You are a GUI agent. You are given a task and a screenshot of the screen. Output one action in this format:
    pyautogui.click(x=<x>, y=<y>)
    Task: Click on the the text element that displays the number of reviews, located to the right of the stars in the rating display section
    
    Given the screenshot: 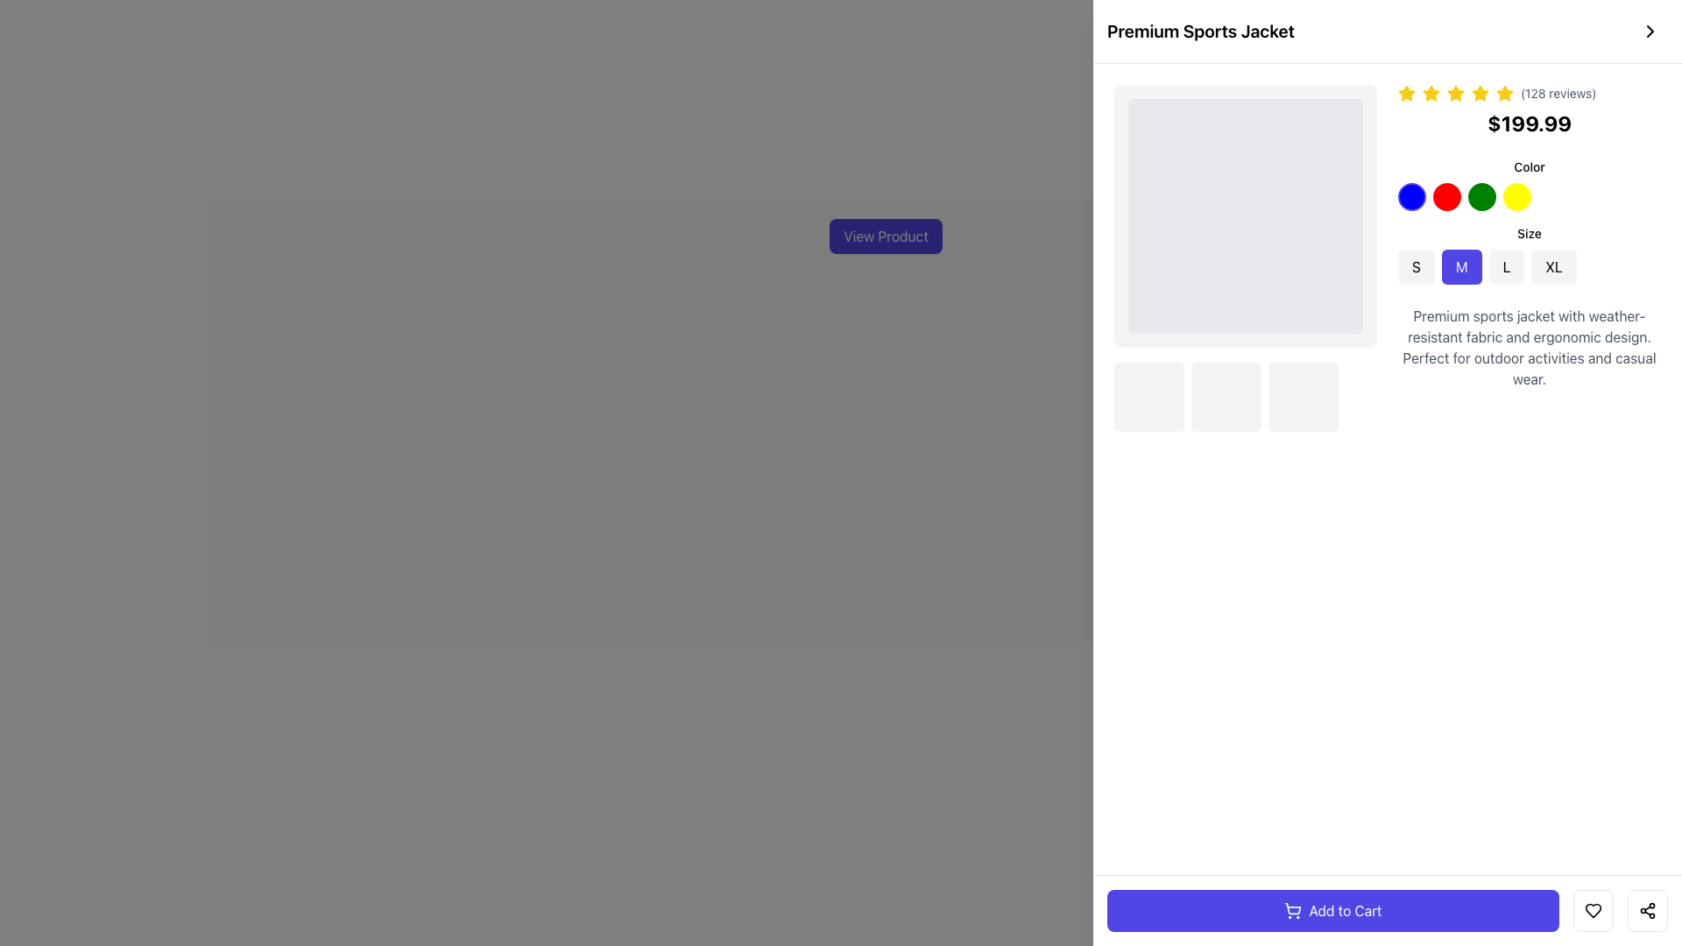 What is the action you would take?
    pyautogui.click(x=1558, y=94)
    